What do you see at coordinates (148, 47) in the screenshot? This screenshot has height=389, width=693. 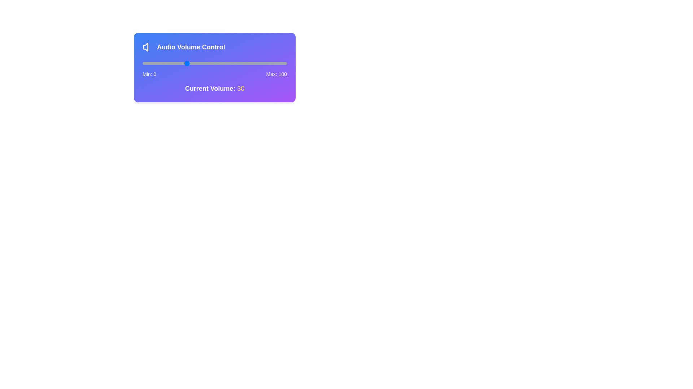 I see `the volume icon to toggle mute or unmute` at bounding box center [148, 47].